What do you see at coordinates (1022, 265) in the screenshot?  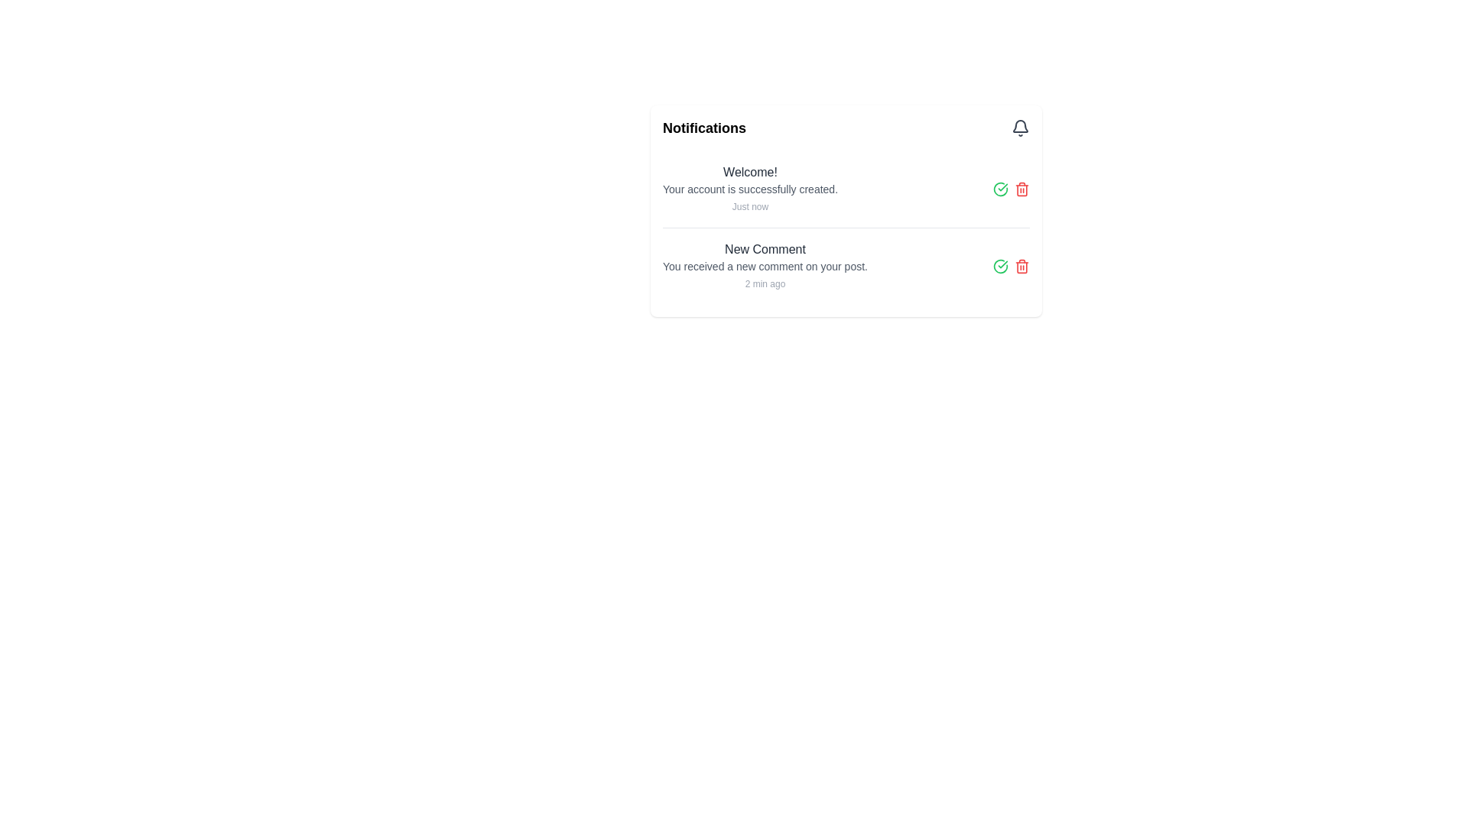 I see `the Interactive Icon (Trash Bin) located to the right of the green check-circle icon in the second notification item` at bounding box center [1022, 265].